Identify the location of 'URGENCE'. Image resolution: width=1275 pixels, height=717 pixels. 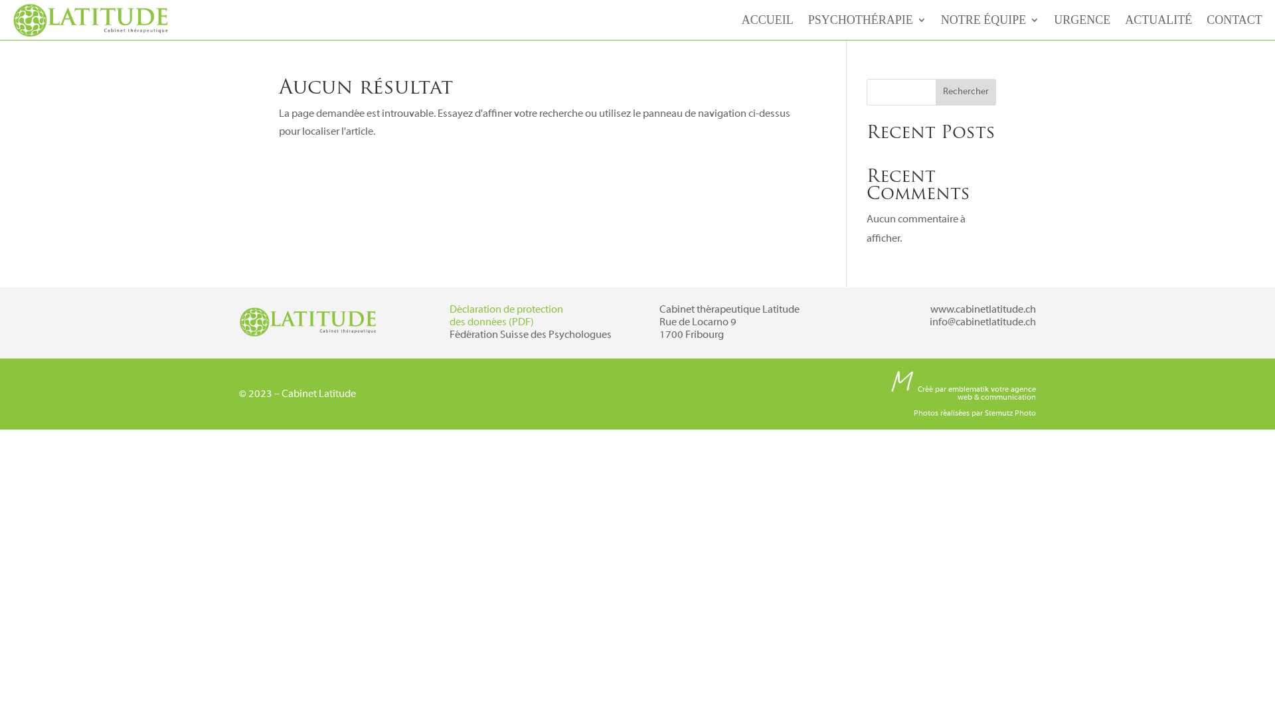
(1082, 23).